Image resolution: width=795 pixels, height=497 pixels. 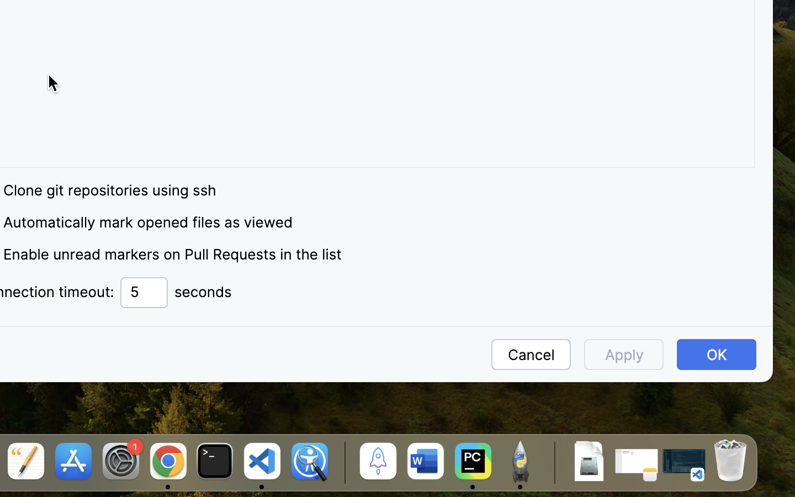 I want to click on 'seconds', so click(x=203, y=292).